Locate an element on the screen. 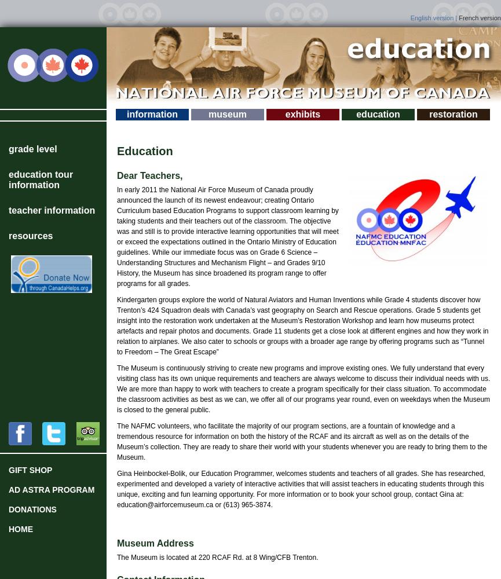  'exhibits' is located at coordinates (302, 113).